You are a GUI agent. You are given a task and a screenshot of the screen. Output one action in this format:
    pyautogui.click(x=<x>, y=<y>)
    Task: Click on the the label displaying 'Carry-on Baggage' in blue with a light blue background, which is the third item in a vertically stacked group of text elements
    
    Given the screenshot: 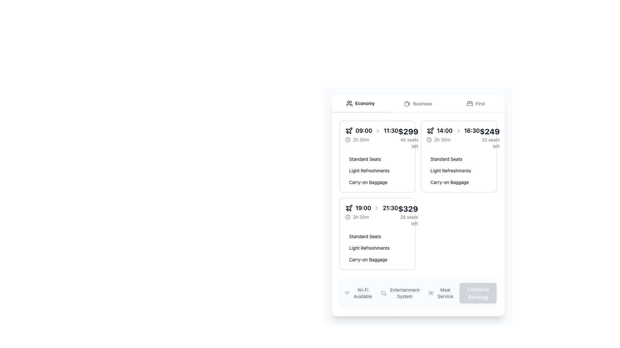 What is the action you would take?
    pyautogui.click(x=368, y=182)
    